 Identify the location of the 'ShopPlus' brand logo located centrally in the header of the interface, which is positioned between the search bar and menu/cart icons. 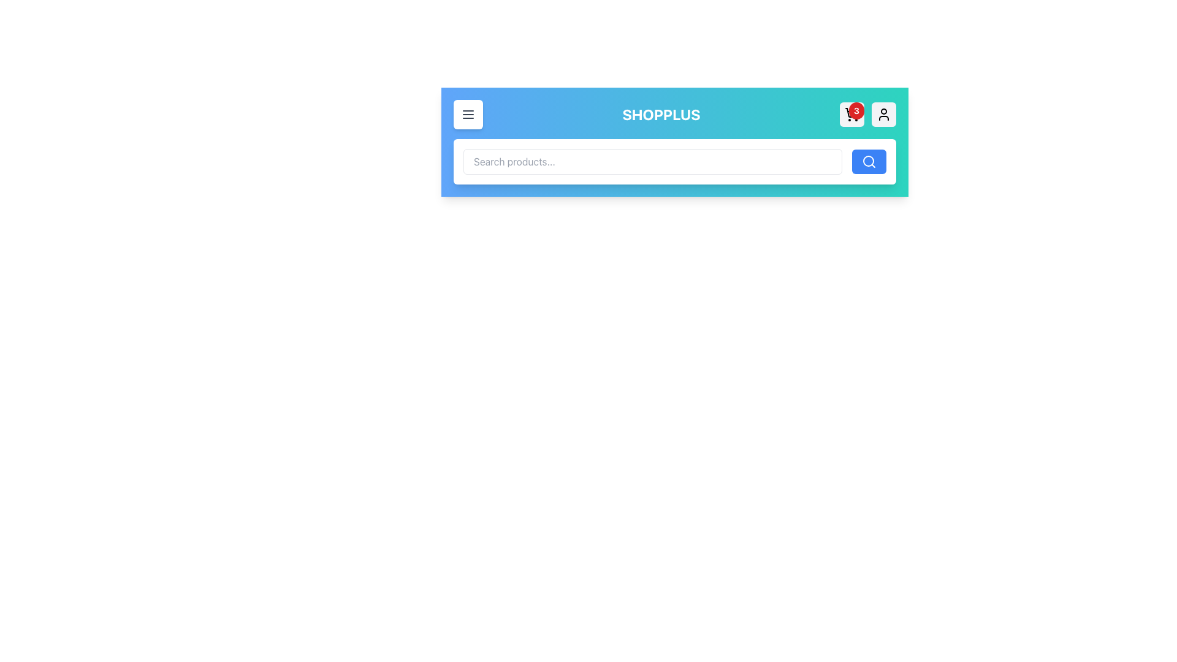
(661, 114).